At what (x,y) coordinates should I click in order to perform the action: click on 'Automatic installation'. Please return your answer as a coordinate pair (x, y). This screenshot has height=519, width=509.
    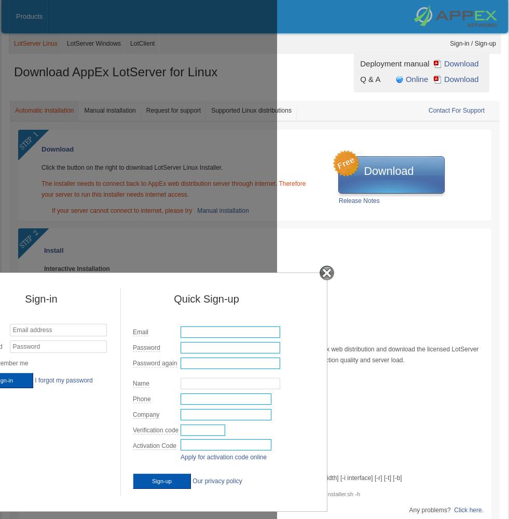
    Looking at the image, I should click on (44, 110).